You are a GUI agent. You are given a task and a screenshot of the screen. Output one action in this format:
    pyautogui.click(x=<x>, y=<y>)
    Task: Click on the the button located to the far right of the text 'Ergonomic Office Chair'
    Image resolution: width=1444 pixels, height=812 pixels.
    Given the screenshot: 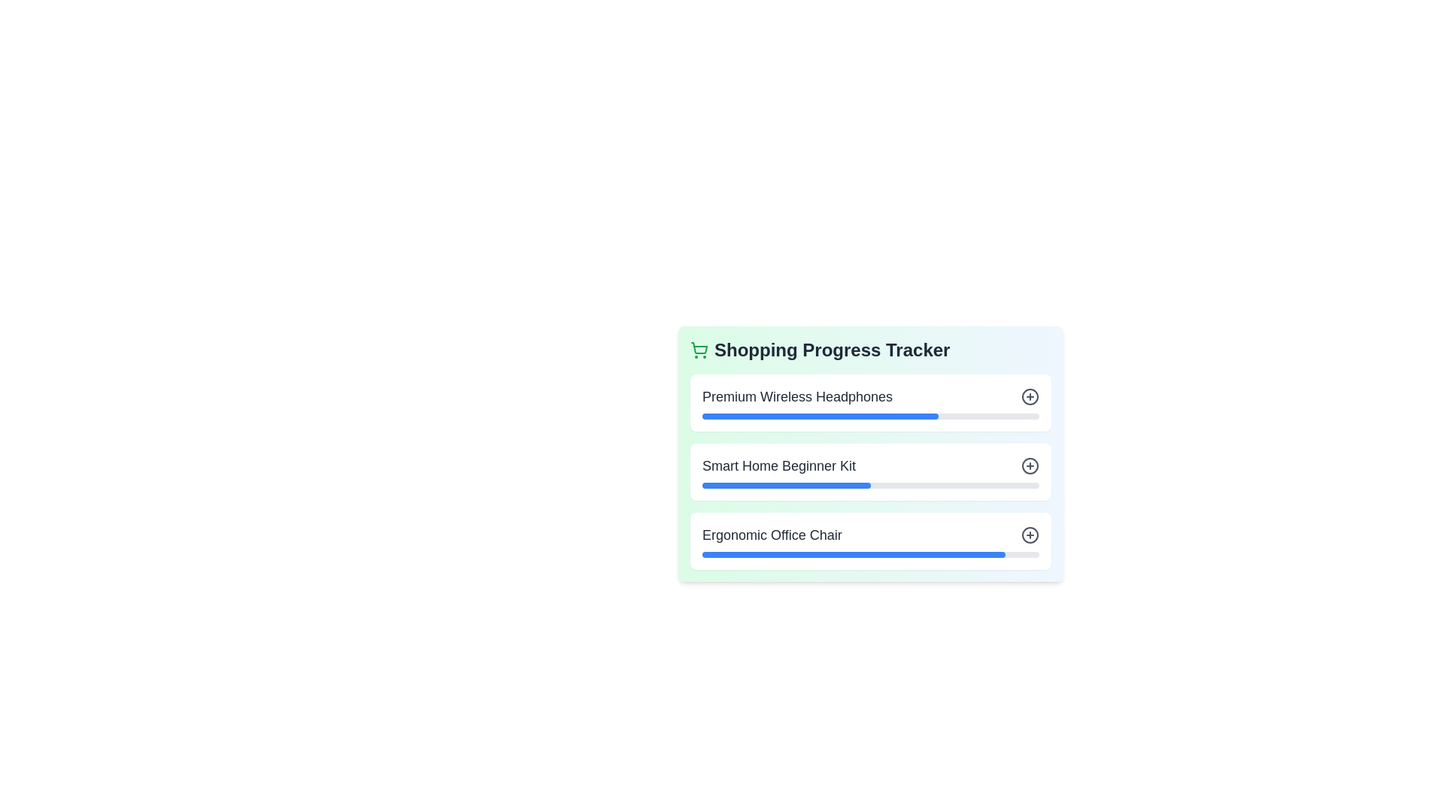 What is the action you would take?
    pyautogui.click(x=1029, y=535)
    